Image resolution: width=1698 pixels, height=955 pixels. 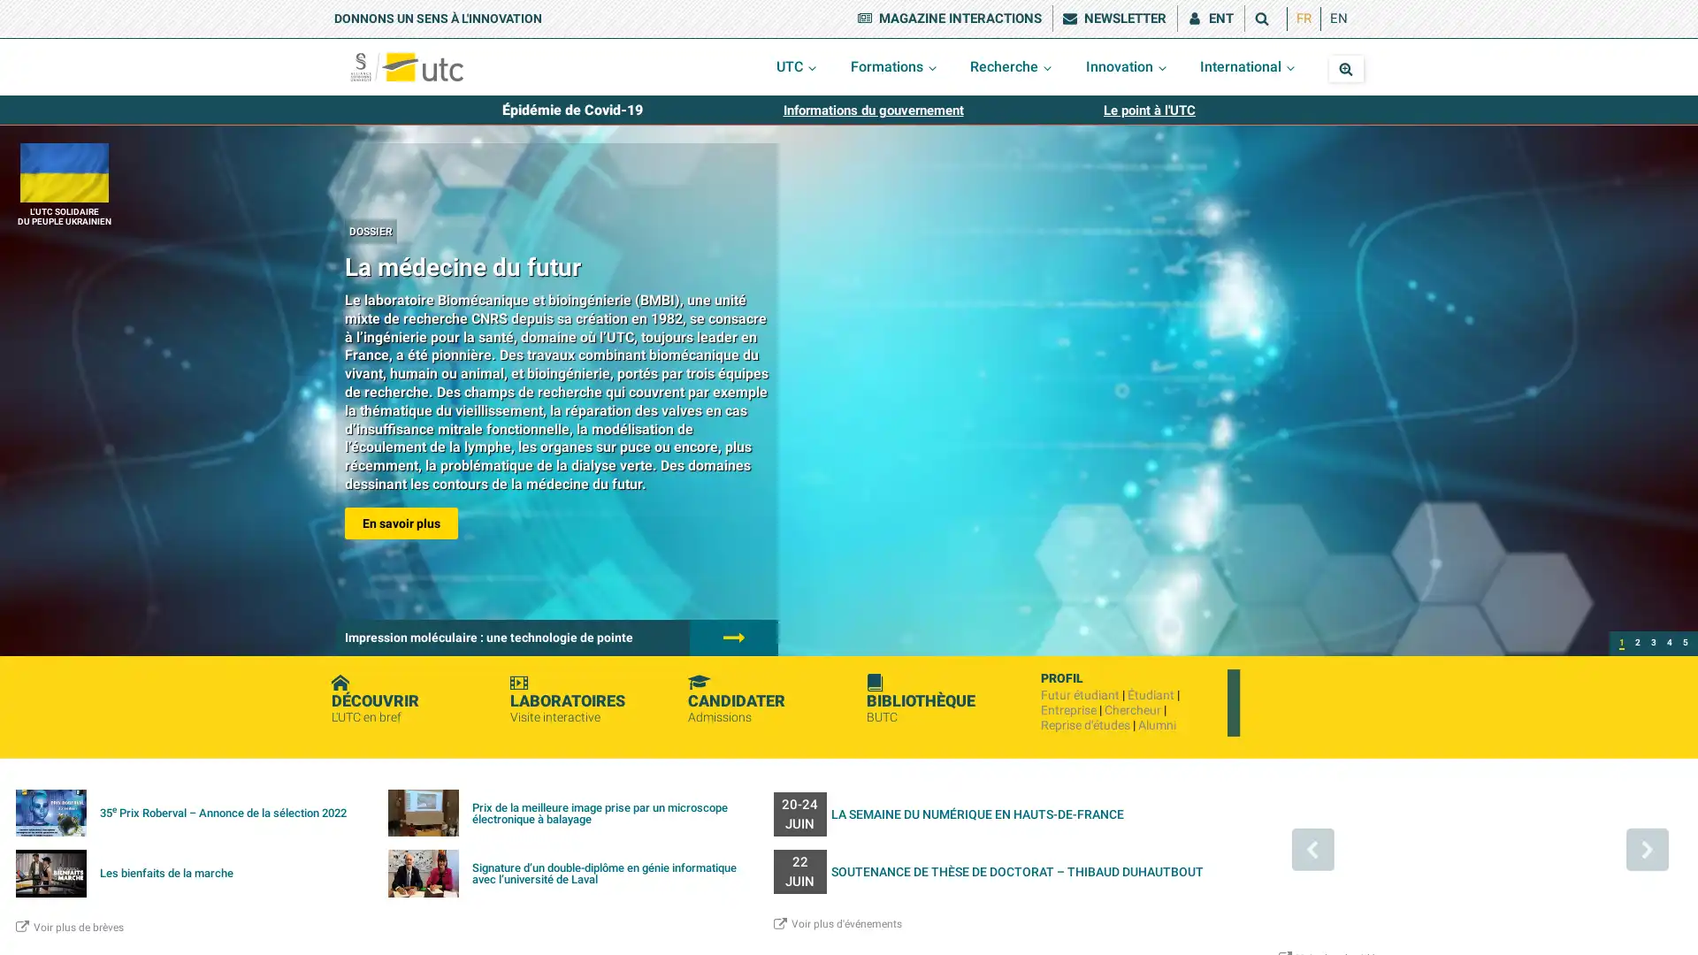 I want to click on Diapositive precedente, so click(x=1312, y=848).